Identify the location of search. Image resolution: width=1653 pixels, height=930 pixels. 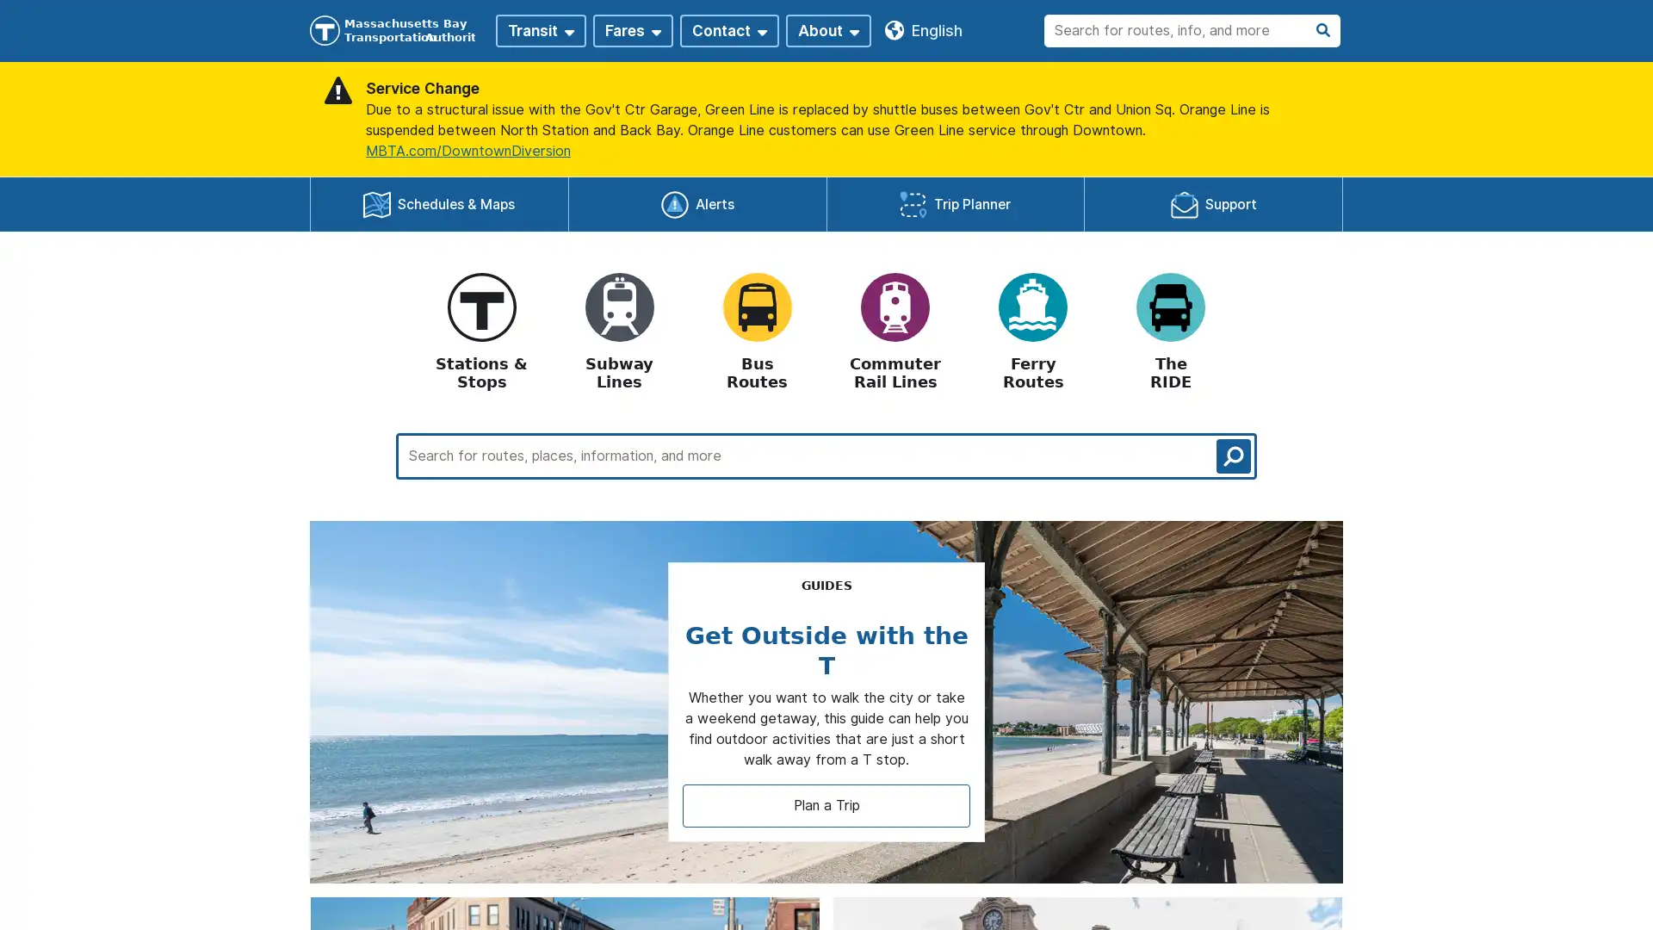
(1233, 454).